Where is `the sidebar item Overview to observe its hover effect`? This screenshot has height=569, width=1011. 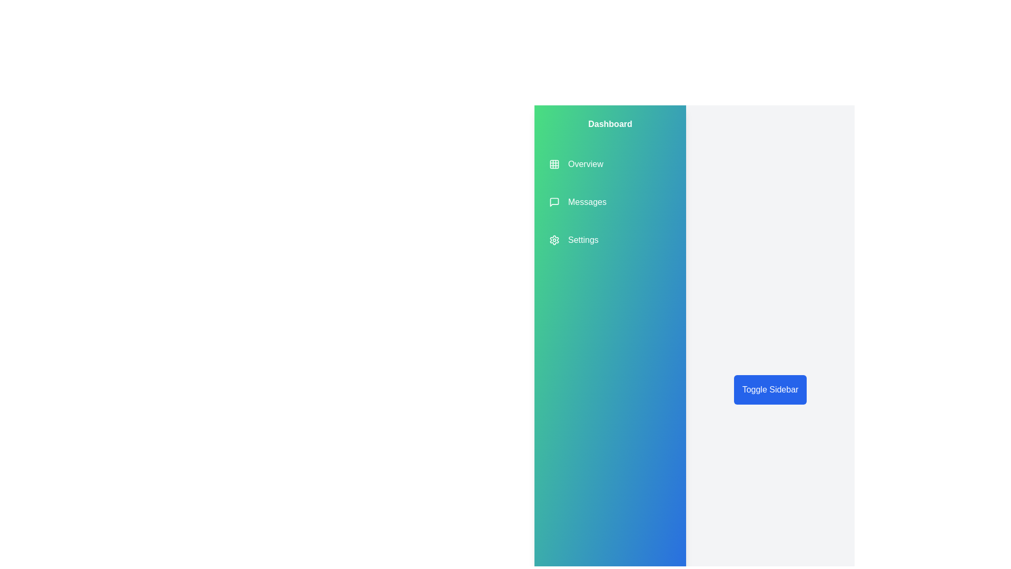 the sidebar item Overview to observe its hover effect is located at coordinates (576, 164).